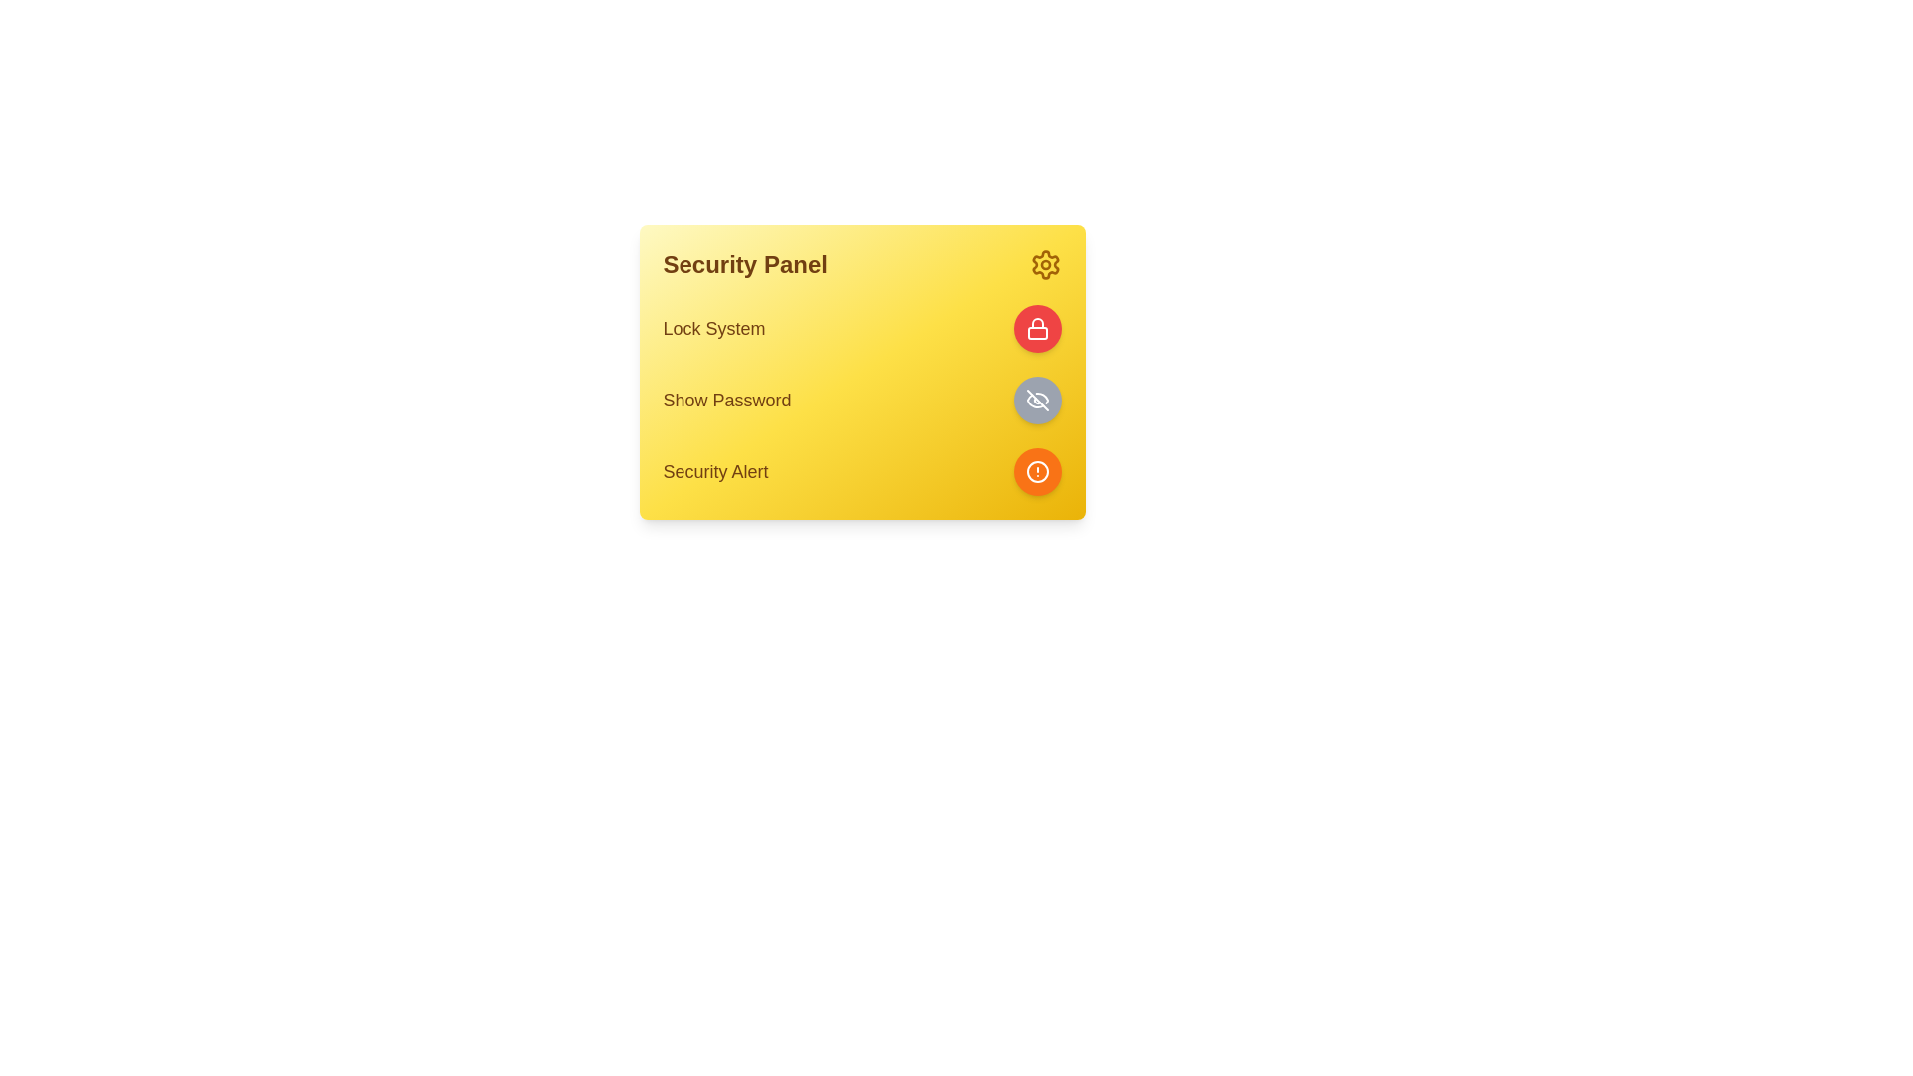 This screenshot has width=1913, height=1076. Describe the element at coordinates (862, 328) in the screenshot. I see `the first element in the vertical list within the yellow 'Security Panel' that represents a locking functionality` at that location.